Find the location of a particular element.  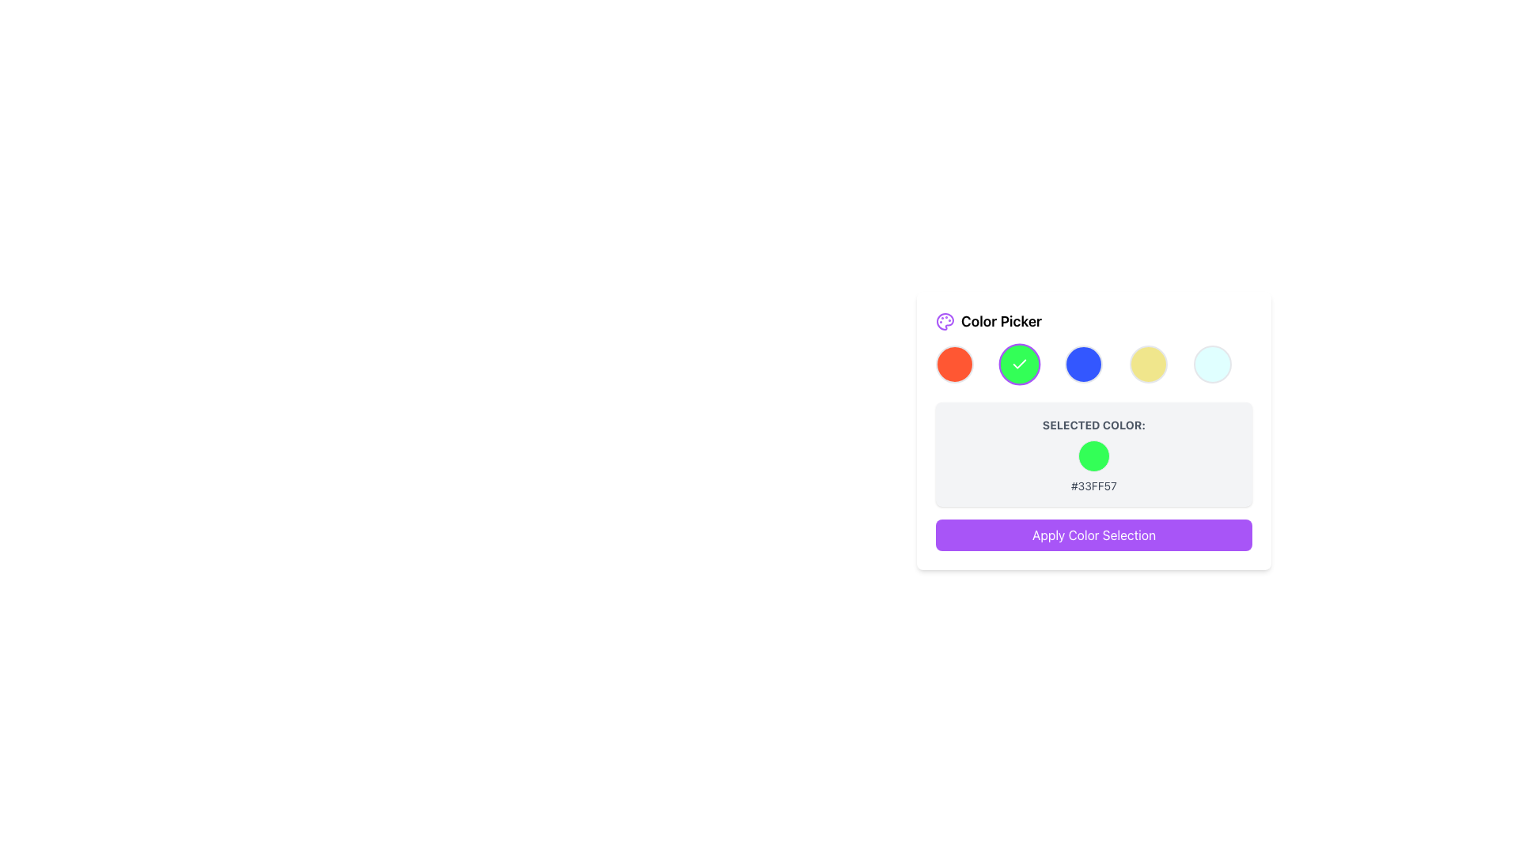

the 'Color Picker' text label, which is styled with a bold font and is located to the right of a purple palette icon in the color selection interface is located at coordinates (1001, 321).